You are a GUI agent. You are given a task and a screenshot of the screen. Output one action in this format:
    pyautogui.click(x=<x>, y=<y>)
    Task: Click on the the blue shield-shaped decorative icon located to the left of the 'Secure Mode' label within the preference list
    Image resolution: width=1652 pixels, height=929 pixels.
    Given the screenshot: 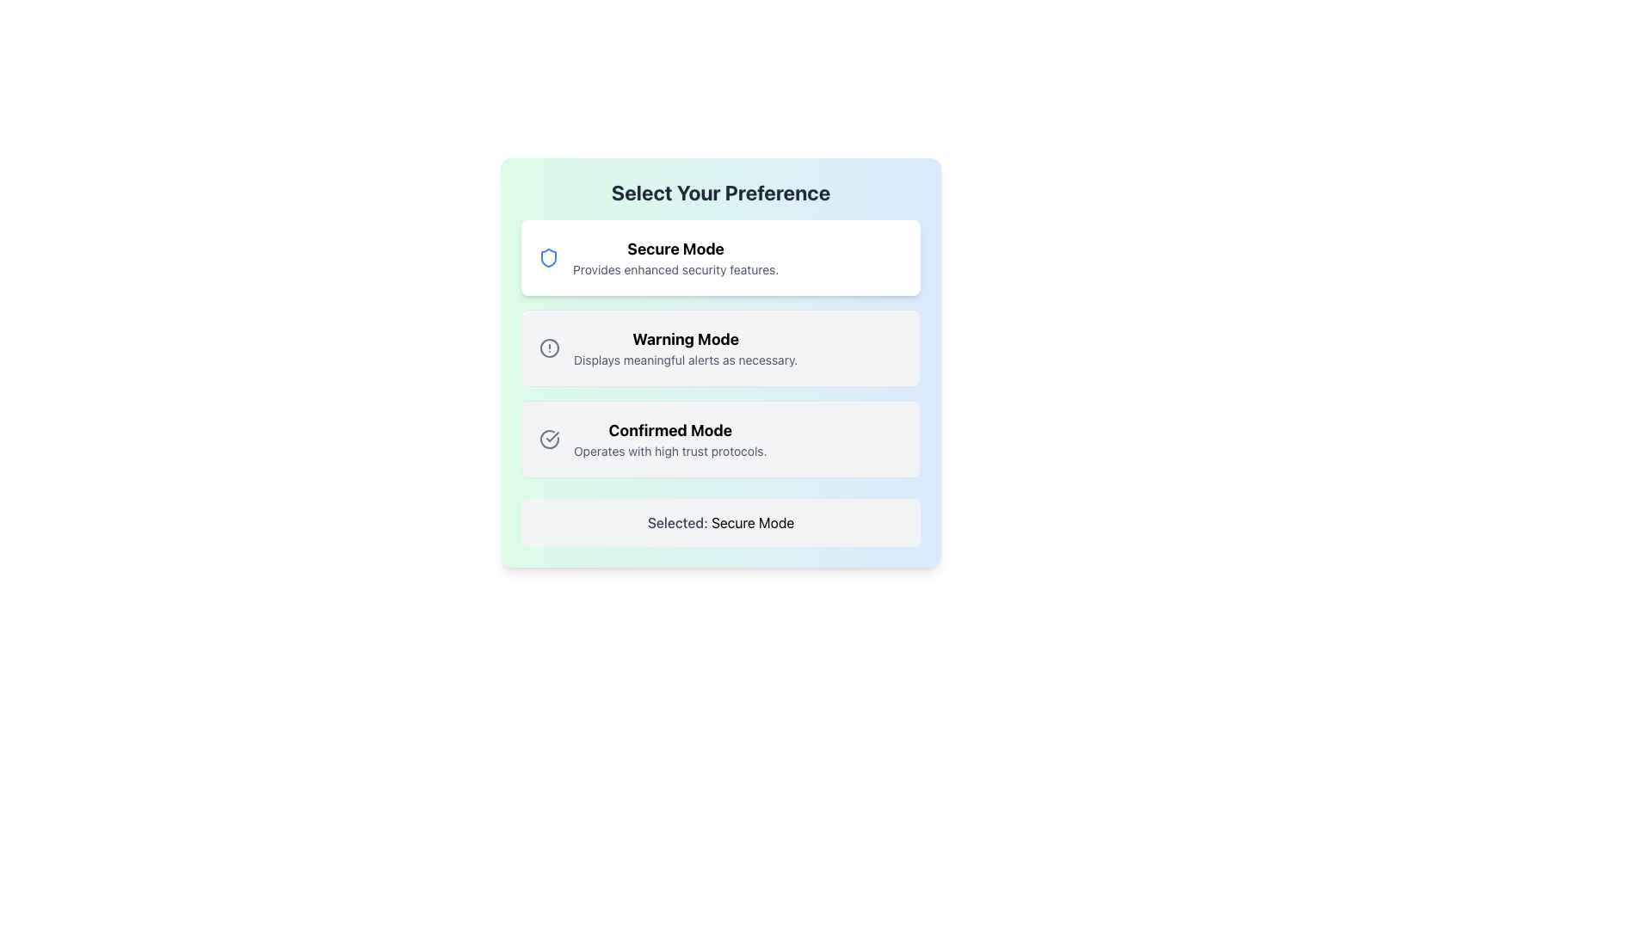 What is the action you would take?
    pyautogui.click(x=548, y=258)
    